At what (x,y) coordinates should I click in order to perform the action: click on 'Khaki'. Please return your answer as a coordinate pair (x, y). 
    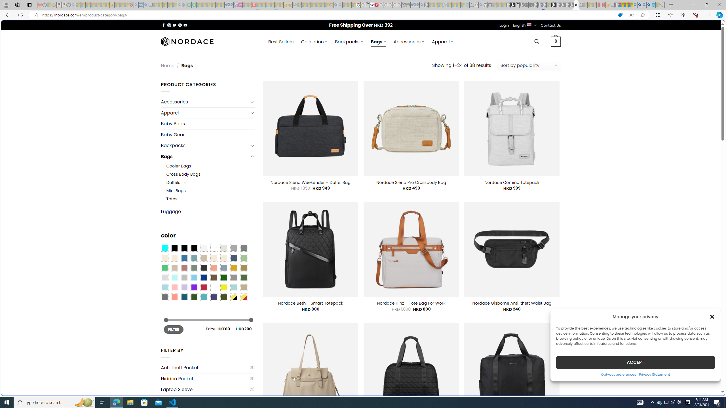
    Looking at the image, I should click on (244, 287).